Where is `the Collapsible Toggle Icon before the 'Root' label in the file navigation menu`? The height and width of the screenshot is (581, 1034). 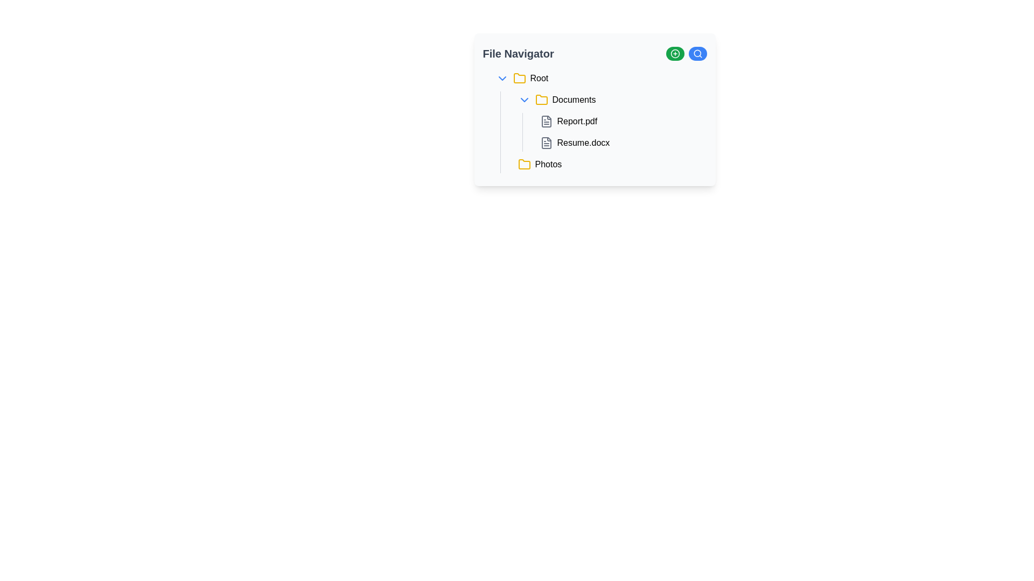
the Collapsible Toggle Icon before the 'Root' label in the file navigation menu is located at coordinates (501, 78).